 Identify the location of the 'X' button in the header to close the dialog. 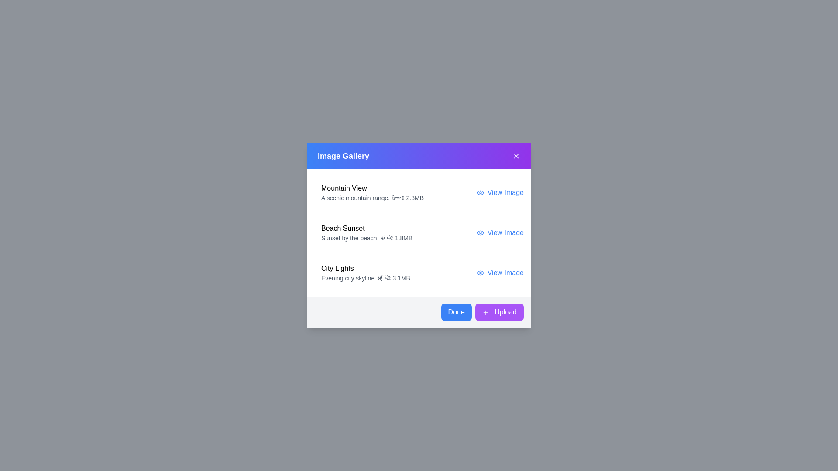
(516, 156).